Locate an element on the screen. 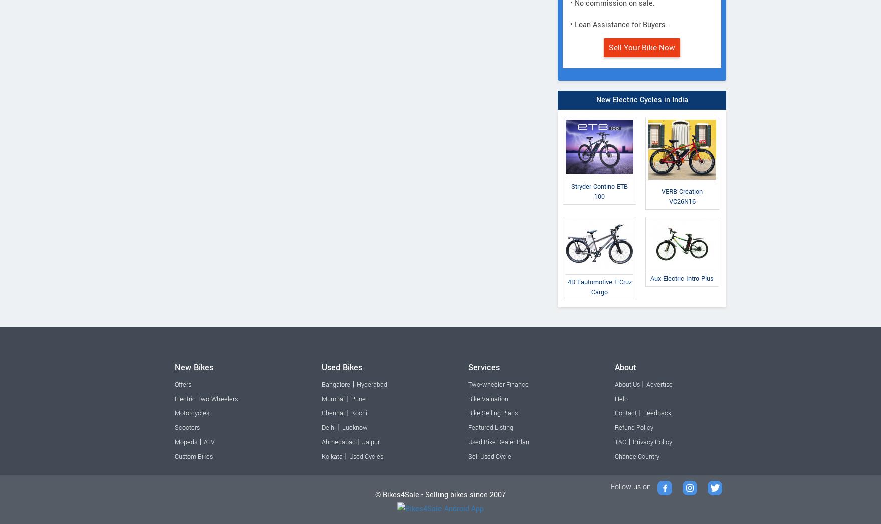 Image resolution: width=881 pixels, height=524 pixels. 'VERB Creation VC26N16' is located at coordinates (682, 196).